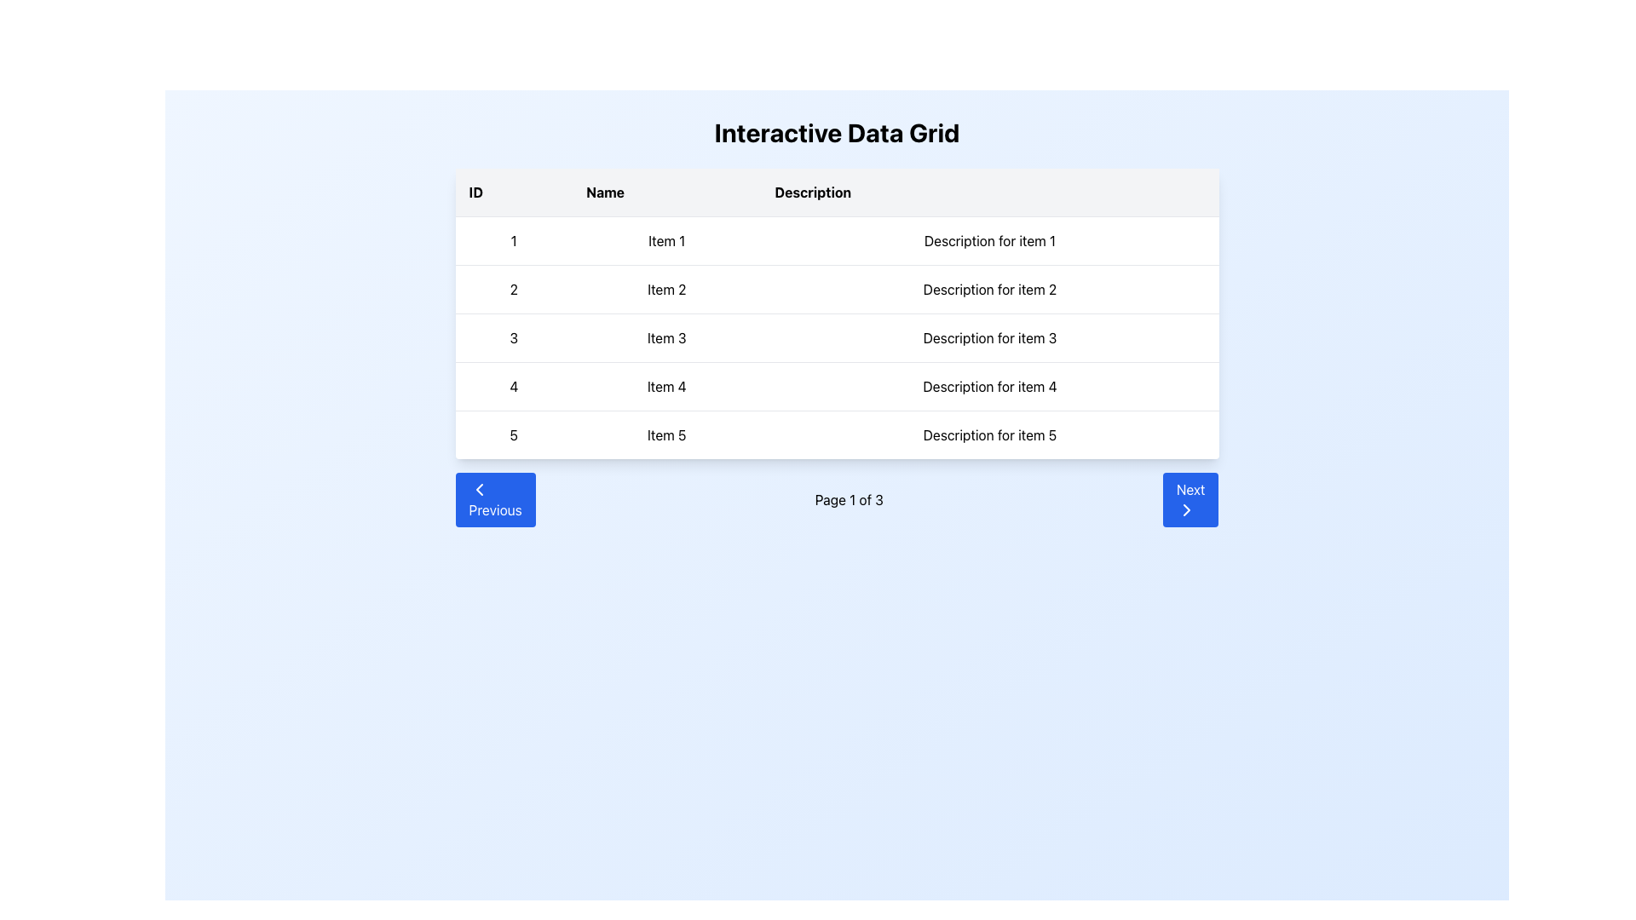  What do you see at coordinates (1185, 509) in the screenshot?
I see `the 'Next' button located at the bottom-right corner of the interface` at bounding box center [1185, 509].